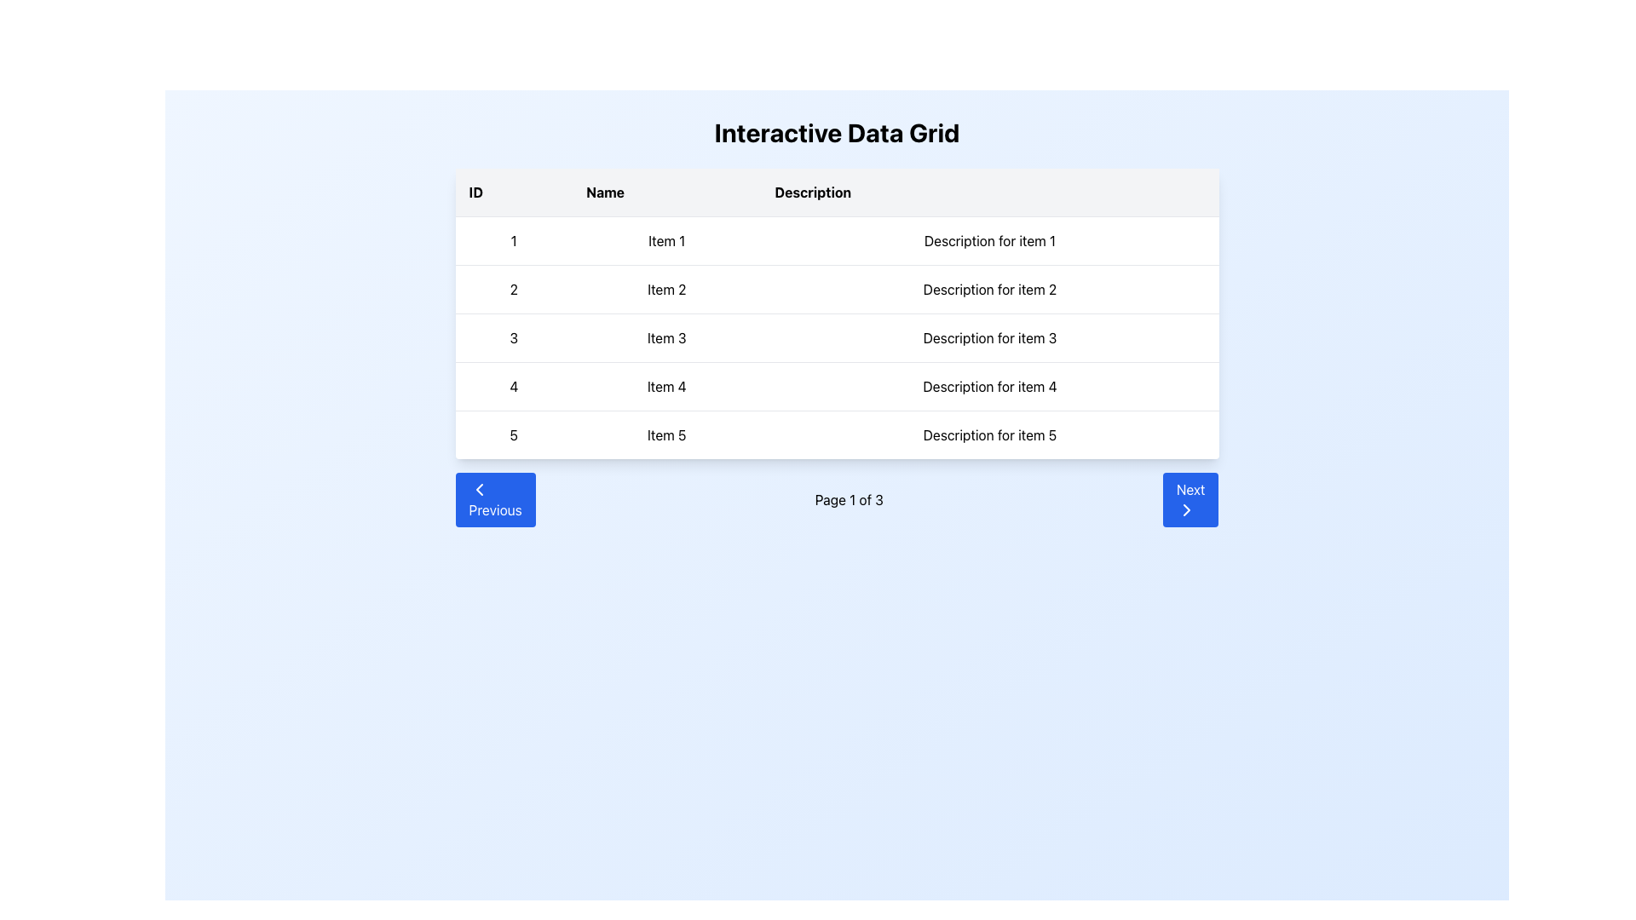  What do you see at coordinates (1185, 509) in the screenshot?
I see `the 'Next' button located at the bottom-right corner of the interface` at bounding box center [1185, 509].